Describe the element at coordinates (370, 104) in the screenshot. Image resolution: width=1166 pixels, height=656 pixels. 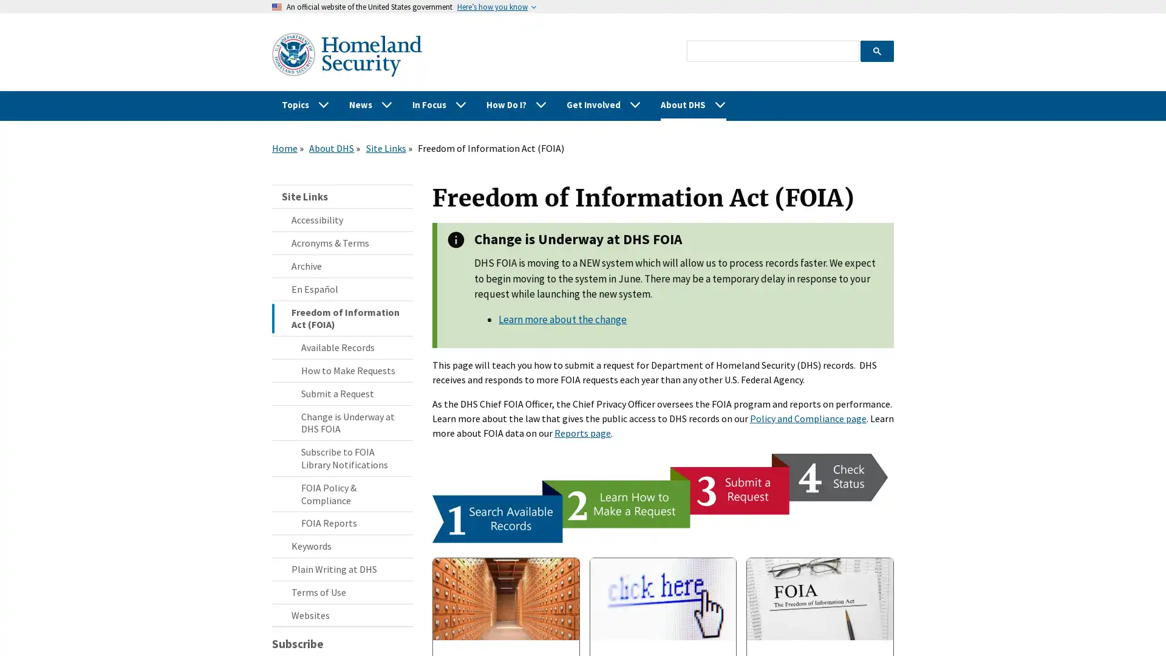
I see `News` at that location.